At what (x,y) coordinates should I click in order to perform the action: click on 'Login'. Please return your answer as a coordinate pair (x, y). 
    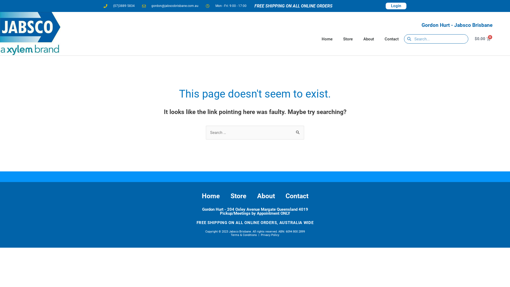
    Looking at the image, I should click on (385, 6).